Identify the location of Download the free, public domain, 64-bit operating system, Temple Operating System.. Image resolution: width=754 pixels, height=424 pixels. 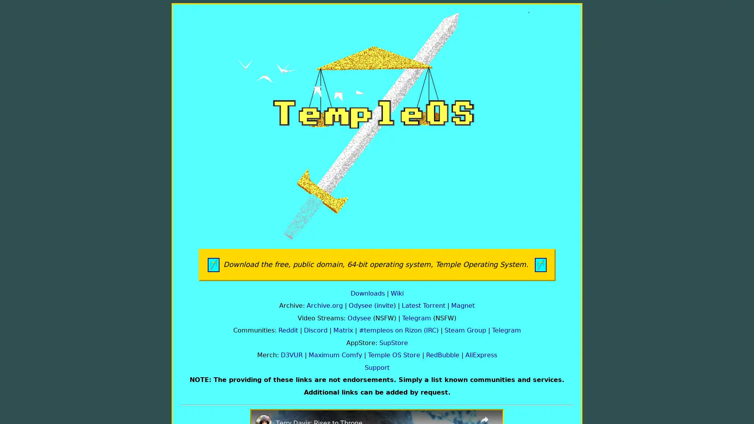
(376, 265).